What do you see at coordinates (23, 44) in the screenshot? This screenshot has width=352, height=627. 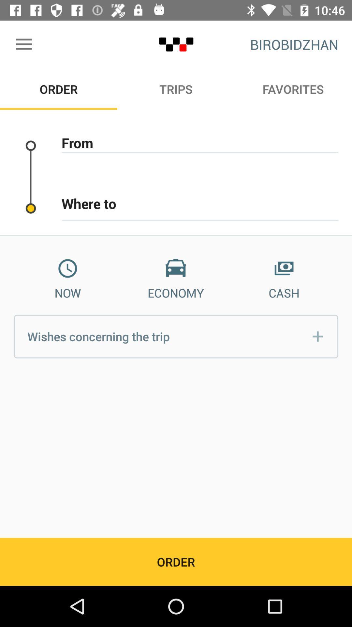 I see `the icon above the order` at bounding box center [23, 44].